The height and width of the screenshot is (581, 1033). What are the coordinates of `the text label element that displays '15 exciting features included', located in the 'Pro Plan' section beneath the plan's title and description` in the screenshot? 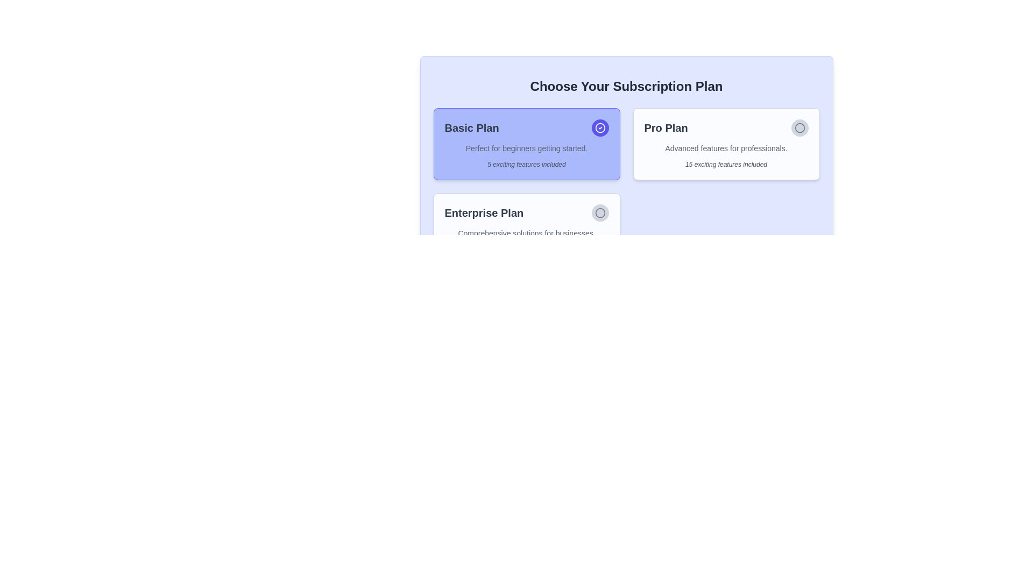 It's located at (726, 164).